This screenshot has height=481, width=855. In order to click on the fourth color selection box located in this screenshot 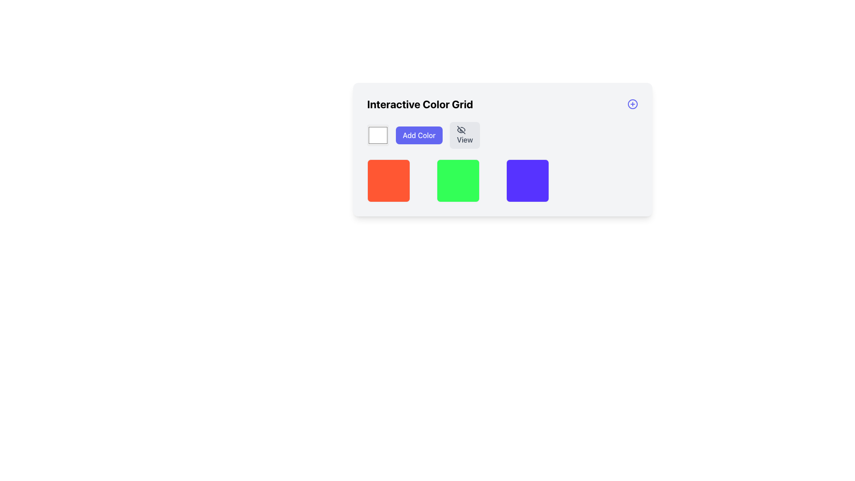, I will do `click(527, 180)`.